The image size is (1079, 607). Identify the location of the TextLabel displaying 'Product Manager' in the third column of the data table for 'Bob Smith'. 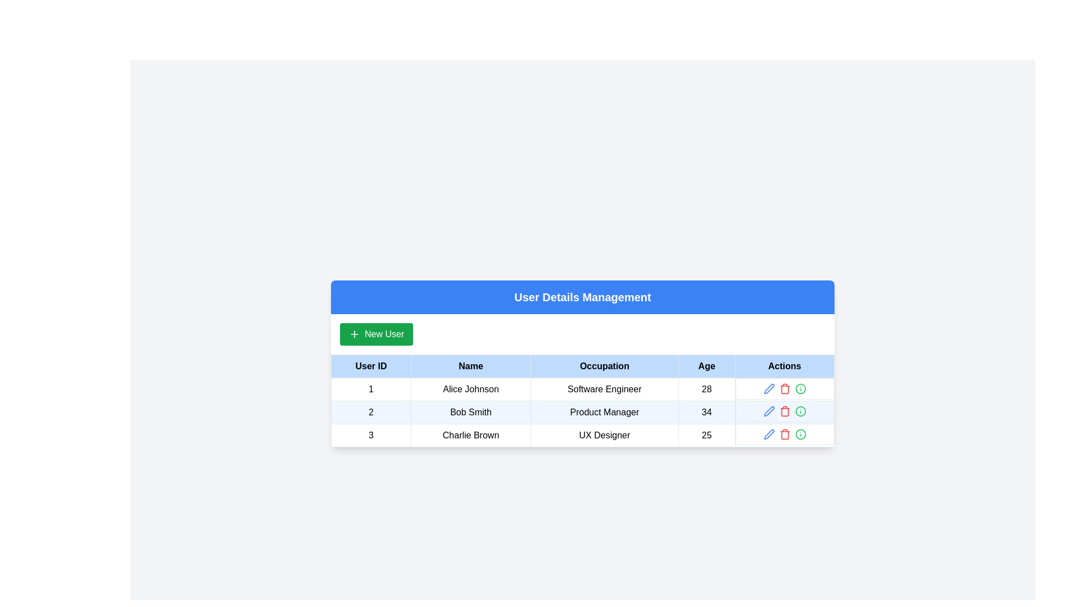
(604, 412).